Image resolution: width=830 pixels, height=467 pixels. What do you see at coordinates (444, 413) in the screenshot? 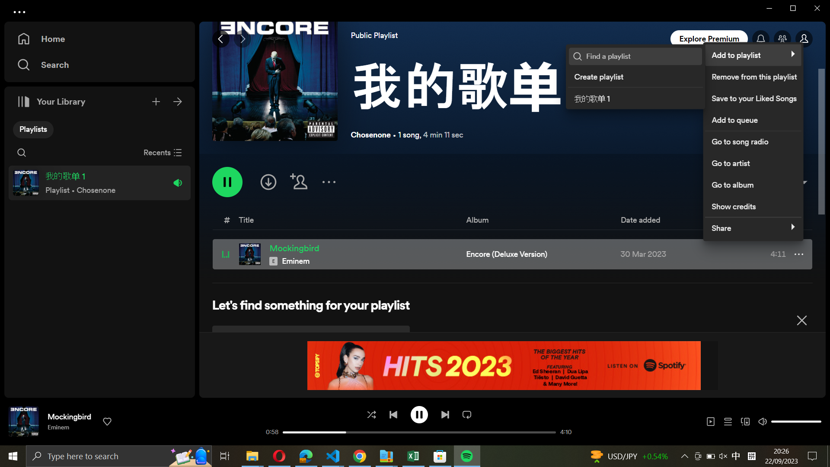
I see `Reach the final part of the song` at bounding box center [444, 413].